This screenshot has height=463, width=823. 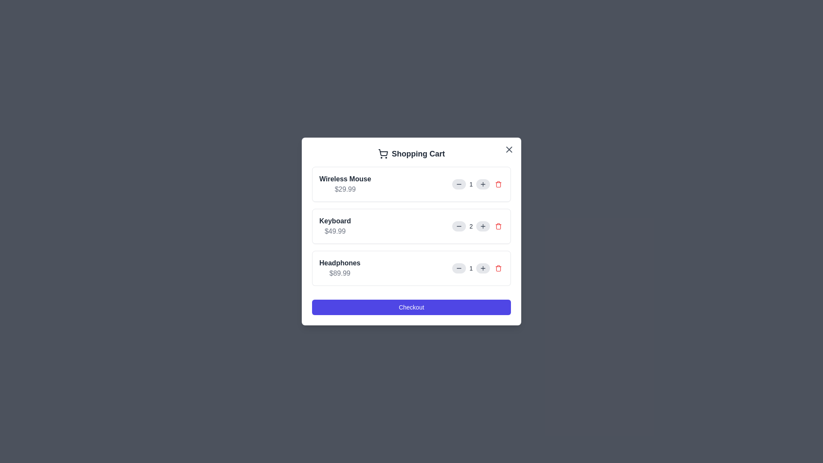 What do you see at coordinates (345, 178) in the screenshot?
I see `text from the bold dark gray label that says 'Wireless Mouse', located in the shopping cart list above the price label '$29.99'` at bounding box center [345, 178].